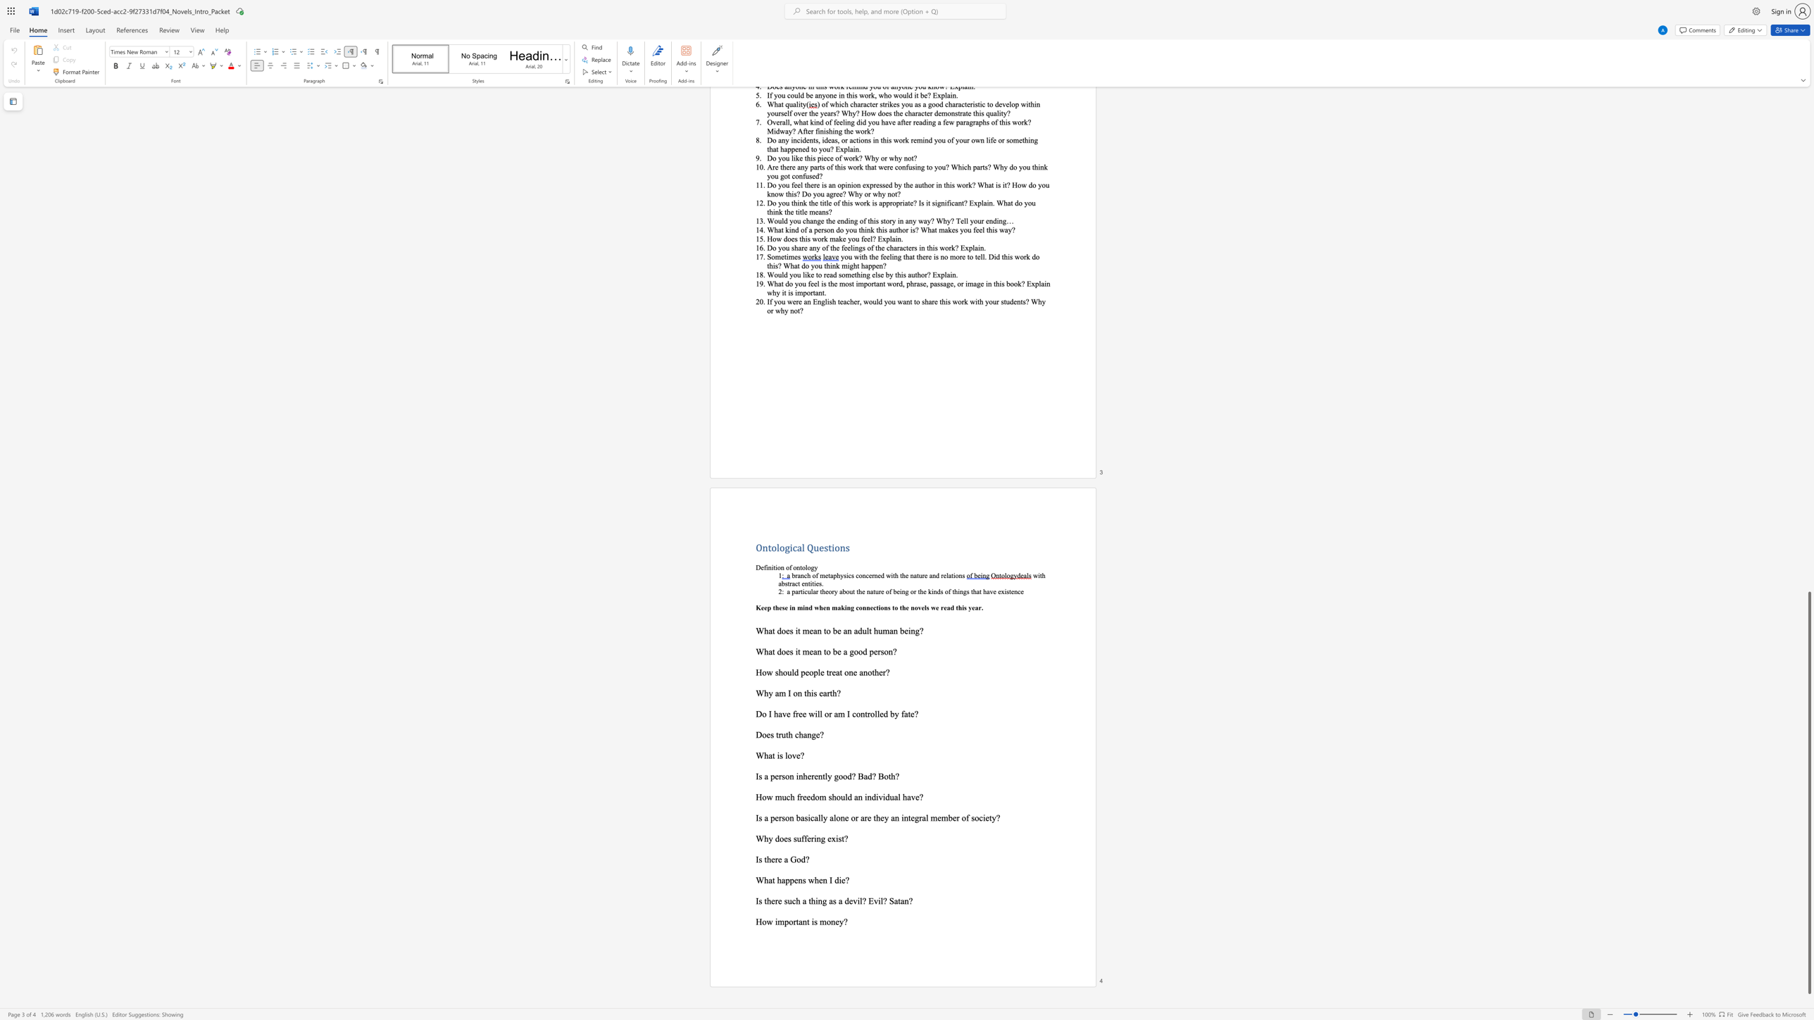  Describe the element at coordinates (793, 859) in the screenshot. I see `the 1th character "G" in the text` at that location.